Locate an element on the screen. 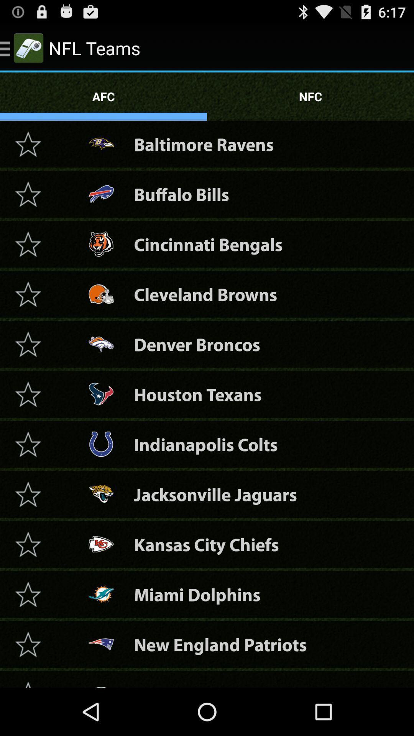 Image resolution: width=414 pixels, height=736 pixels. item above kansas city chiefs icon is located at coordinates (215, 494).